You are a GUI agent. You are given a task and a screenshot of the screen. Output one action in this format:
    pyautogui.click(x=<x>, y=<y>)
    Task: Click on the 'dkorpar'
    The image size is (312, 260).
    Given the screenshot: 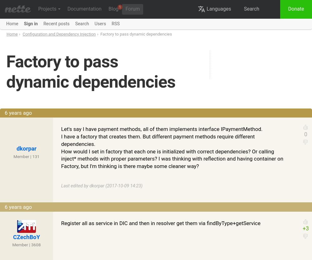 What is the action you would take?
    pyautogui.click(x=26, y=148)
    